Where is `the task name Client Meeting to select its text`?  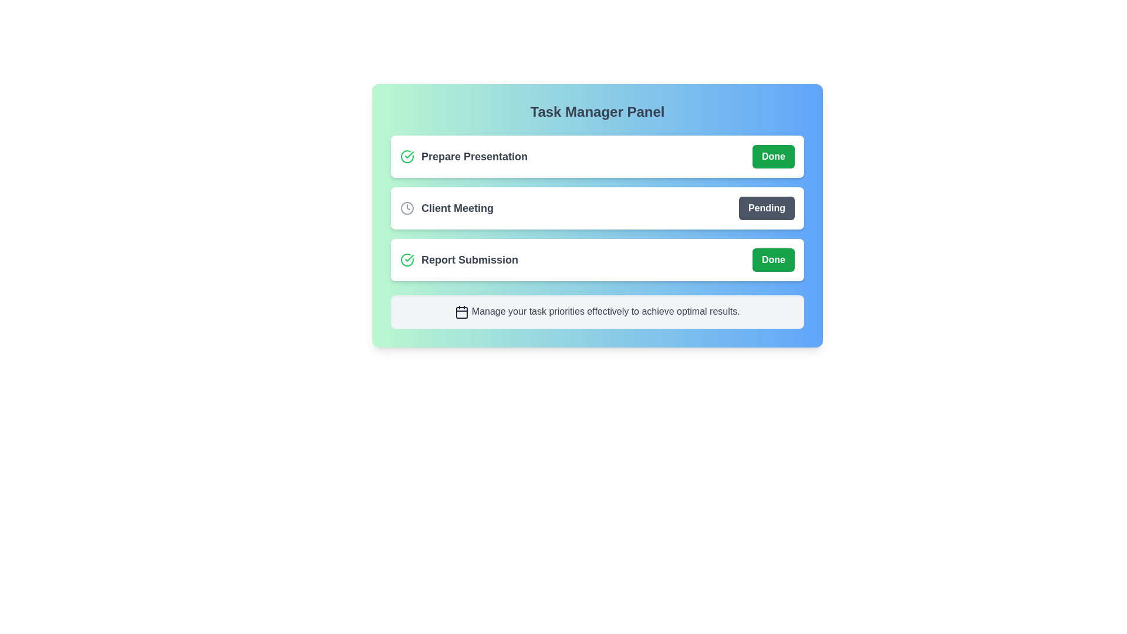 the task name Client Meeting to select its text is located at coordinates (446, 207).